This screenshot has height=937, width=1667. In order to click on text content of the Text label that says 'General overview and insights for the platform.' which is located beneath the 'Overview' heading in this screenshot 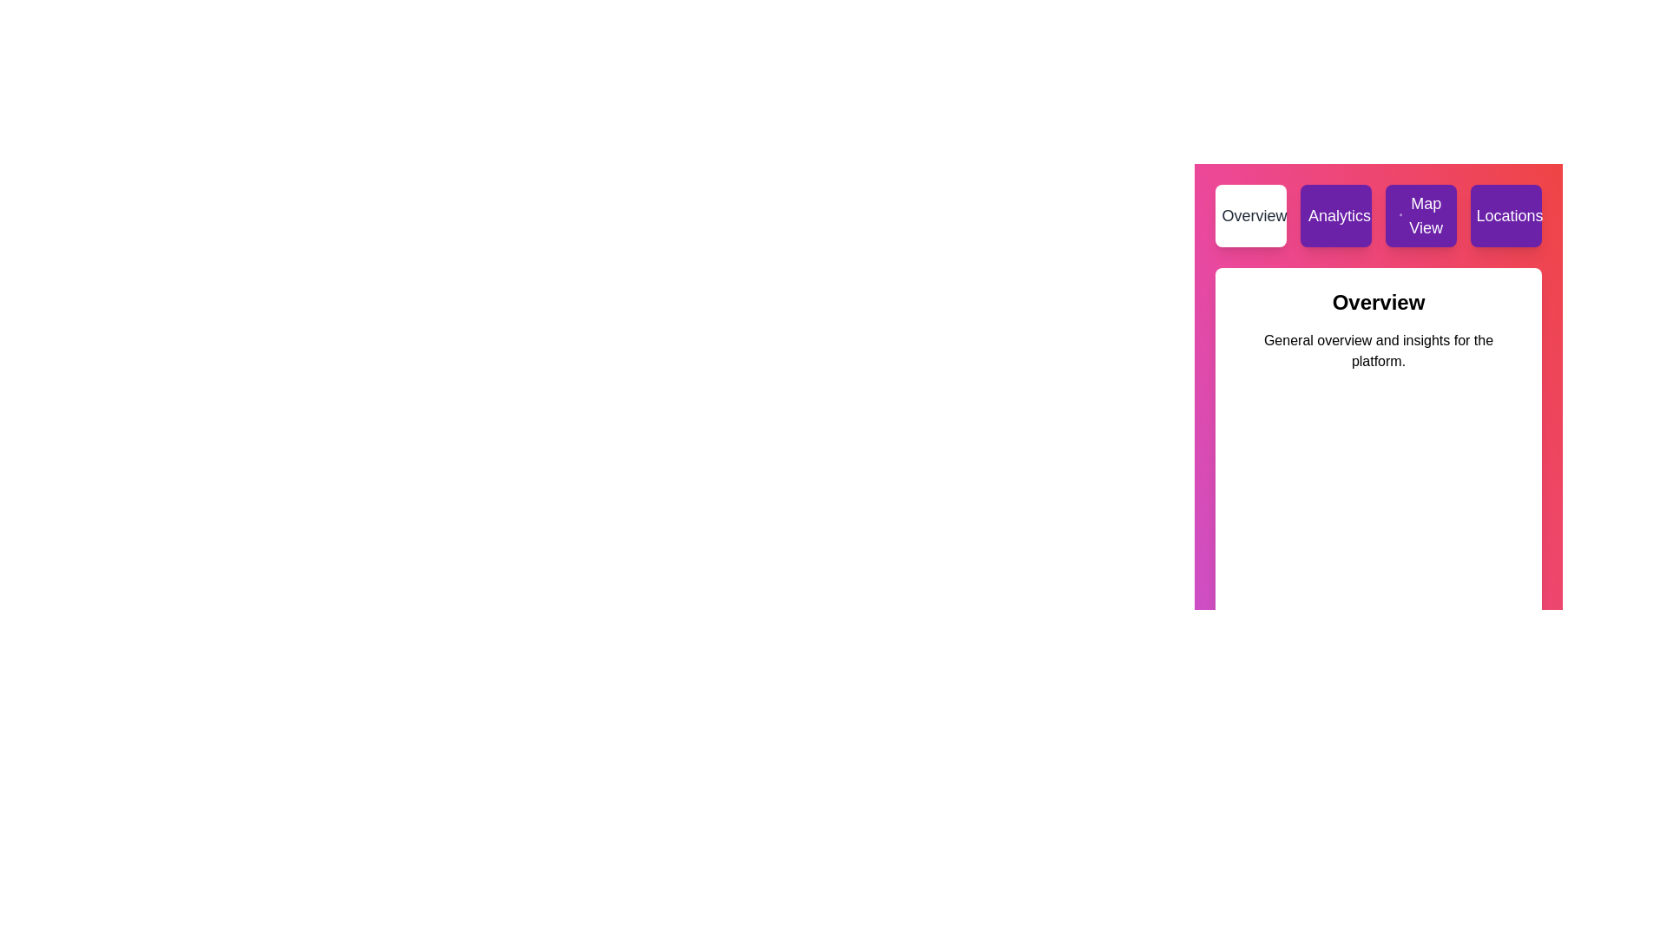, I will do `click(1378, 351)`.